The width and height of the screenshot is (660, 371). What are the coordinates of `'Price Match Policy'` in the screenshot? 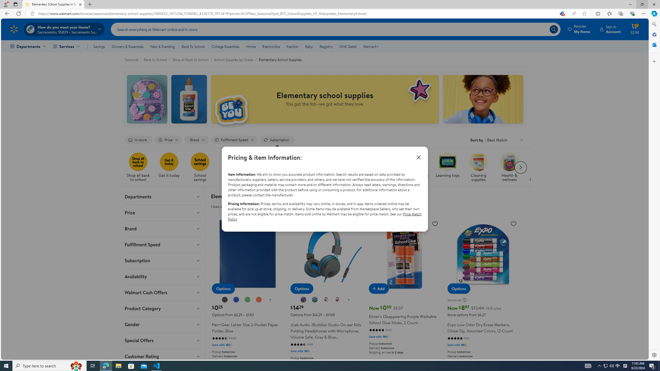 It's located at (325, 216).